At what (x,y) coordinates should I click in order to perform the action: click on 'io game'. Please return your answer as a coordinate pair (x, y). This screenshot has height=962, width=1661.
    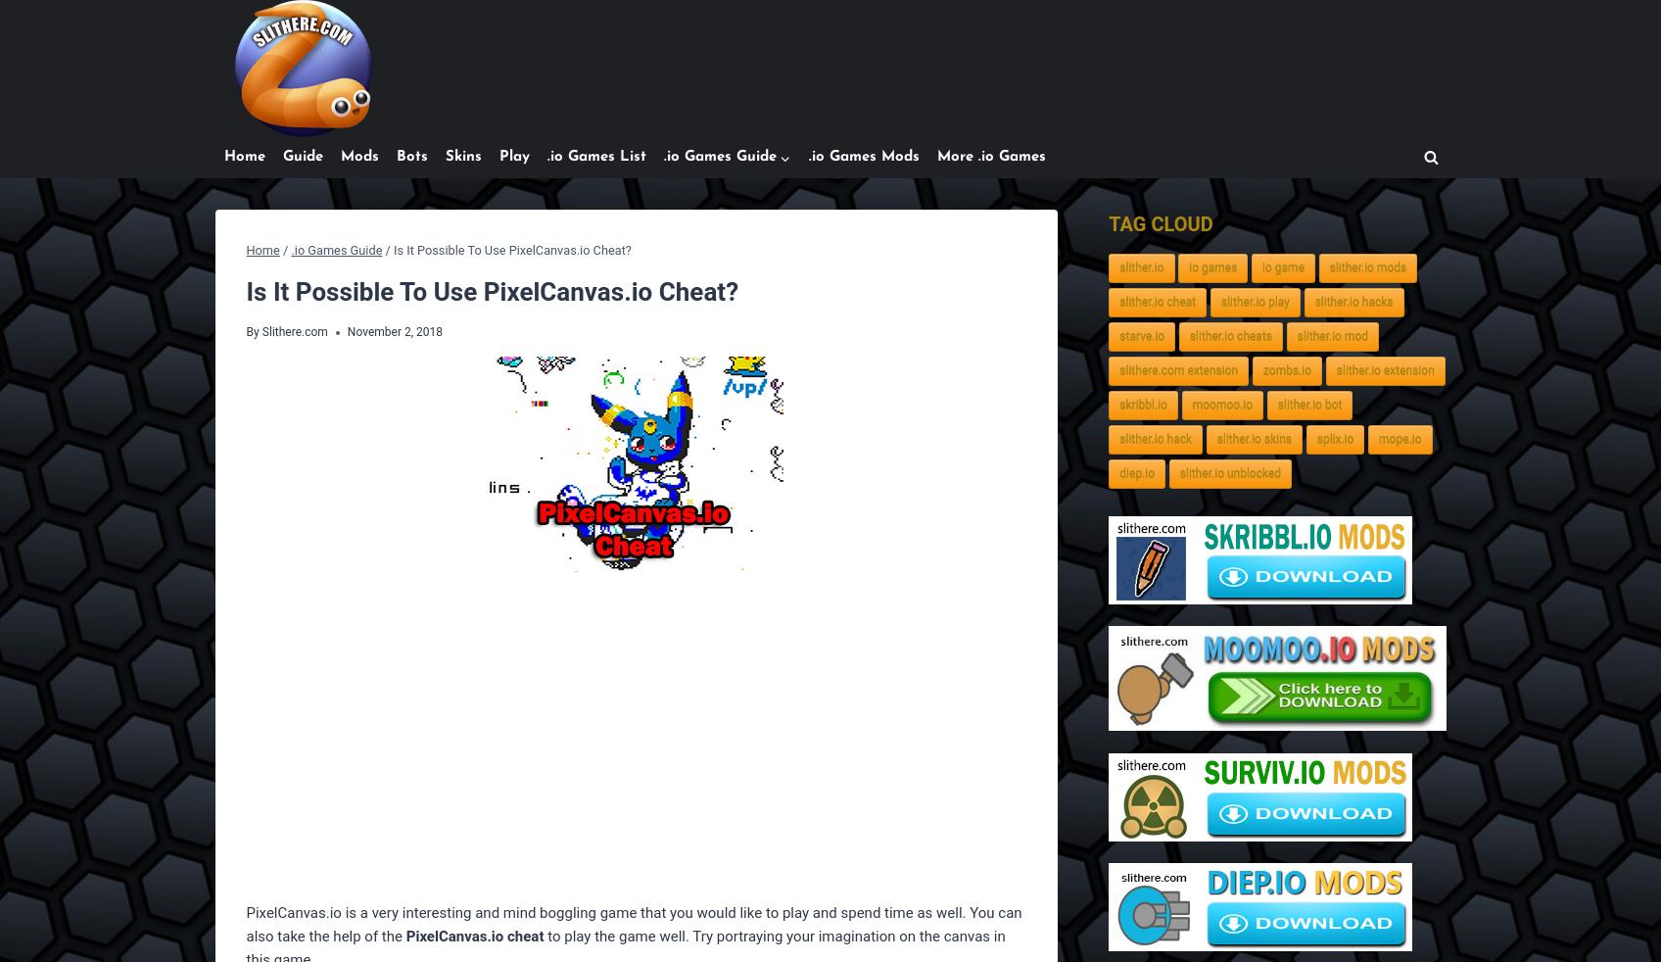
    Looking at the image, I should click on (1283, 267).